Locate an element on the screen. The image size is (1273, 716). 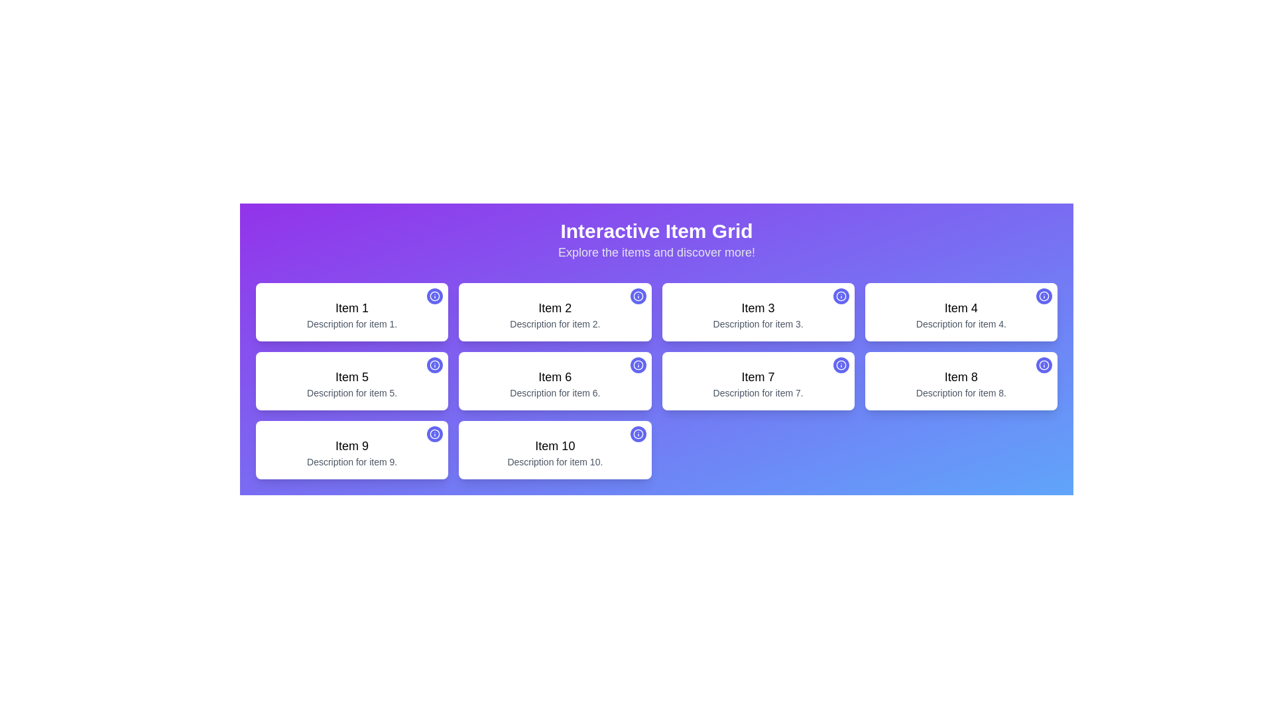
the text component displaying 'Description for item 4.' which is styled with a small gray font and located within the white rounded card for 'Item 4' is located at coordinates (961, 324).